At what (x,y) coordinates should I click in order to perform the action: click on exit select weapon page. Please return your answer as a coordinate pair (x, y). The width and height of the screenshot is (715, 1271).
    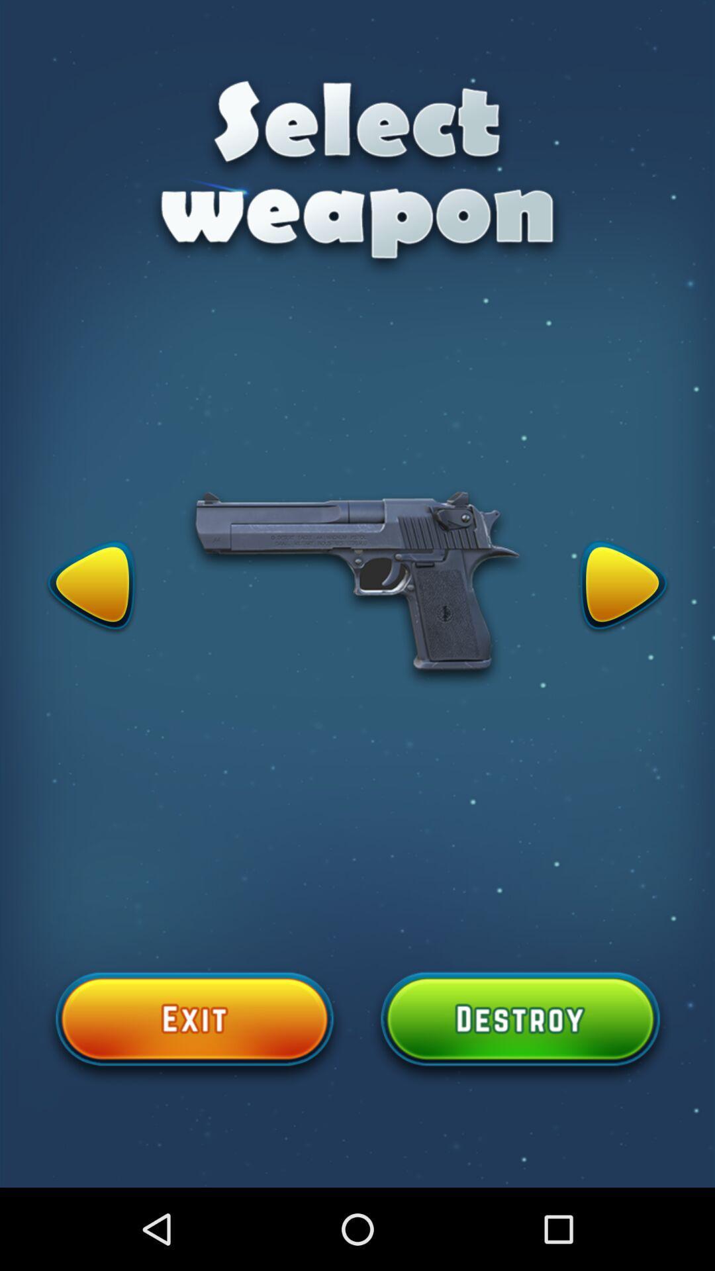
    Looking at the image, I should click on (194, 1026).